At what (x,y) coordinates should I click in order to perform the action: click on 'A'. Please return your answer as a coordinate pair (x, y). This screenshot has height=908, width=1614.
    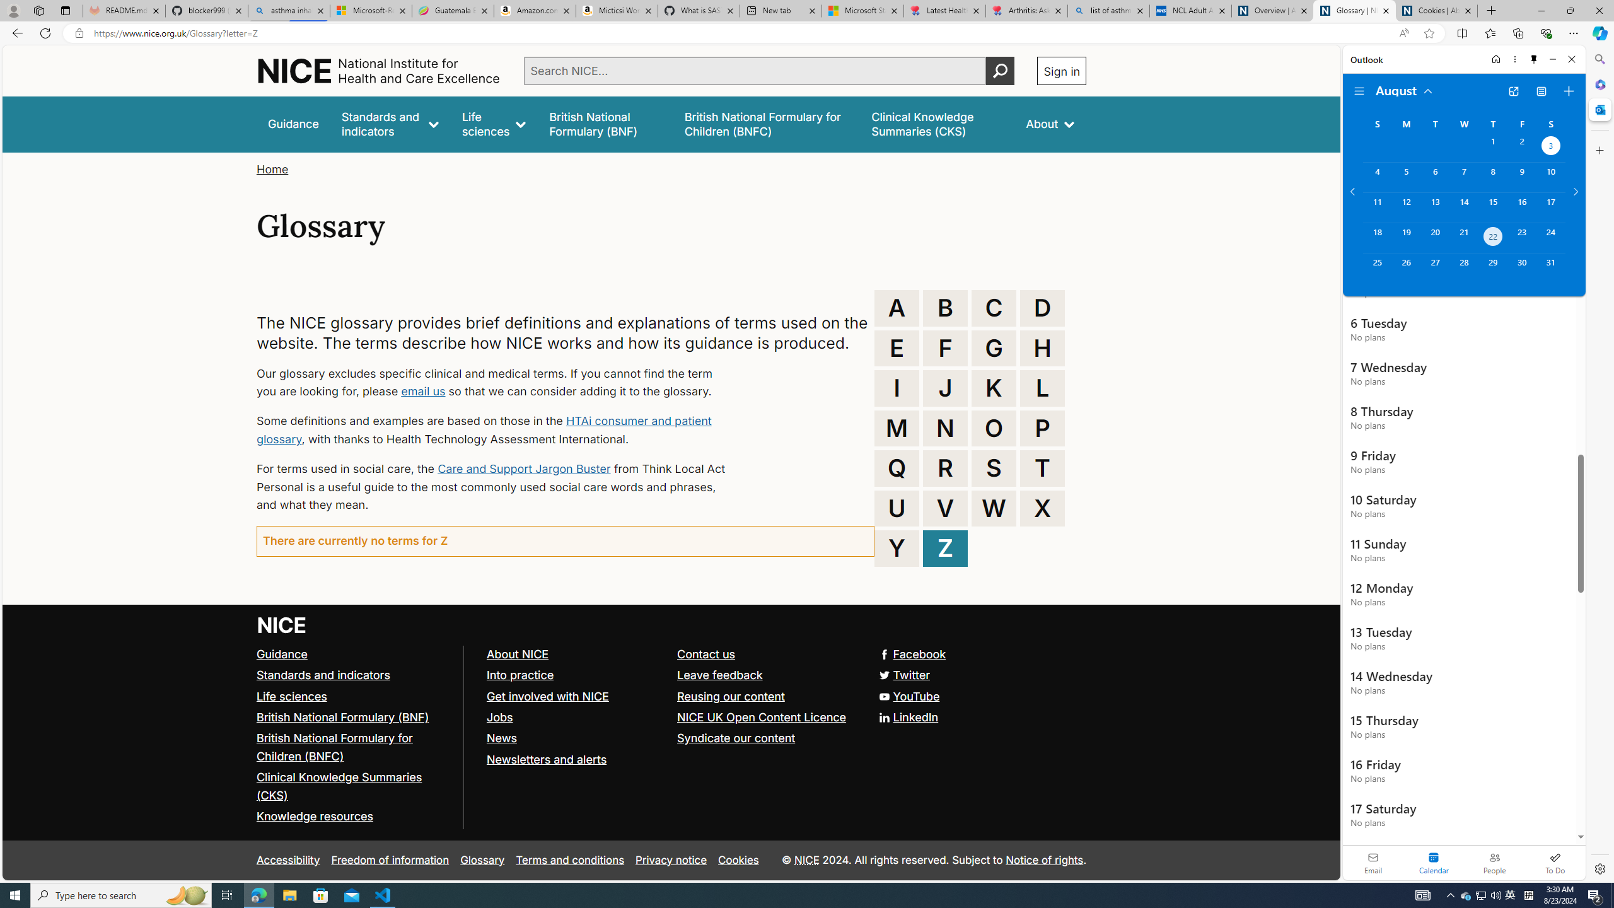
    Looking at the image, I should click on (897, 307).